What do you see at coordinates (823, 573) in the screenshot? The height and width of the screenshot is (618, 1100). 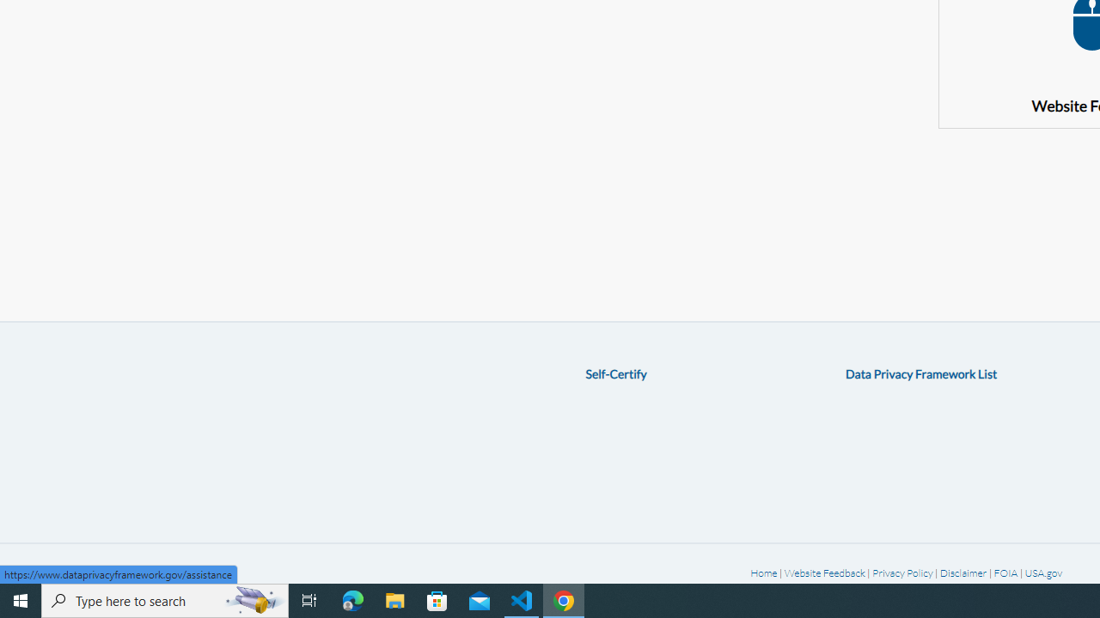 I see `'Website Feedback'` at bounding box center [823, 573].